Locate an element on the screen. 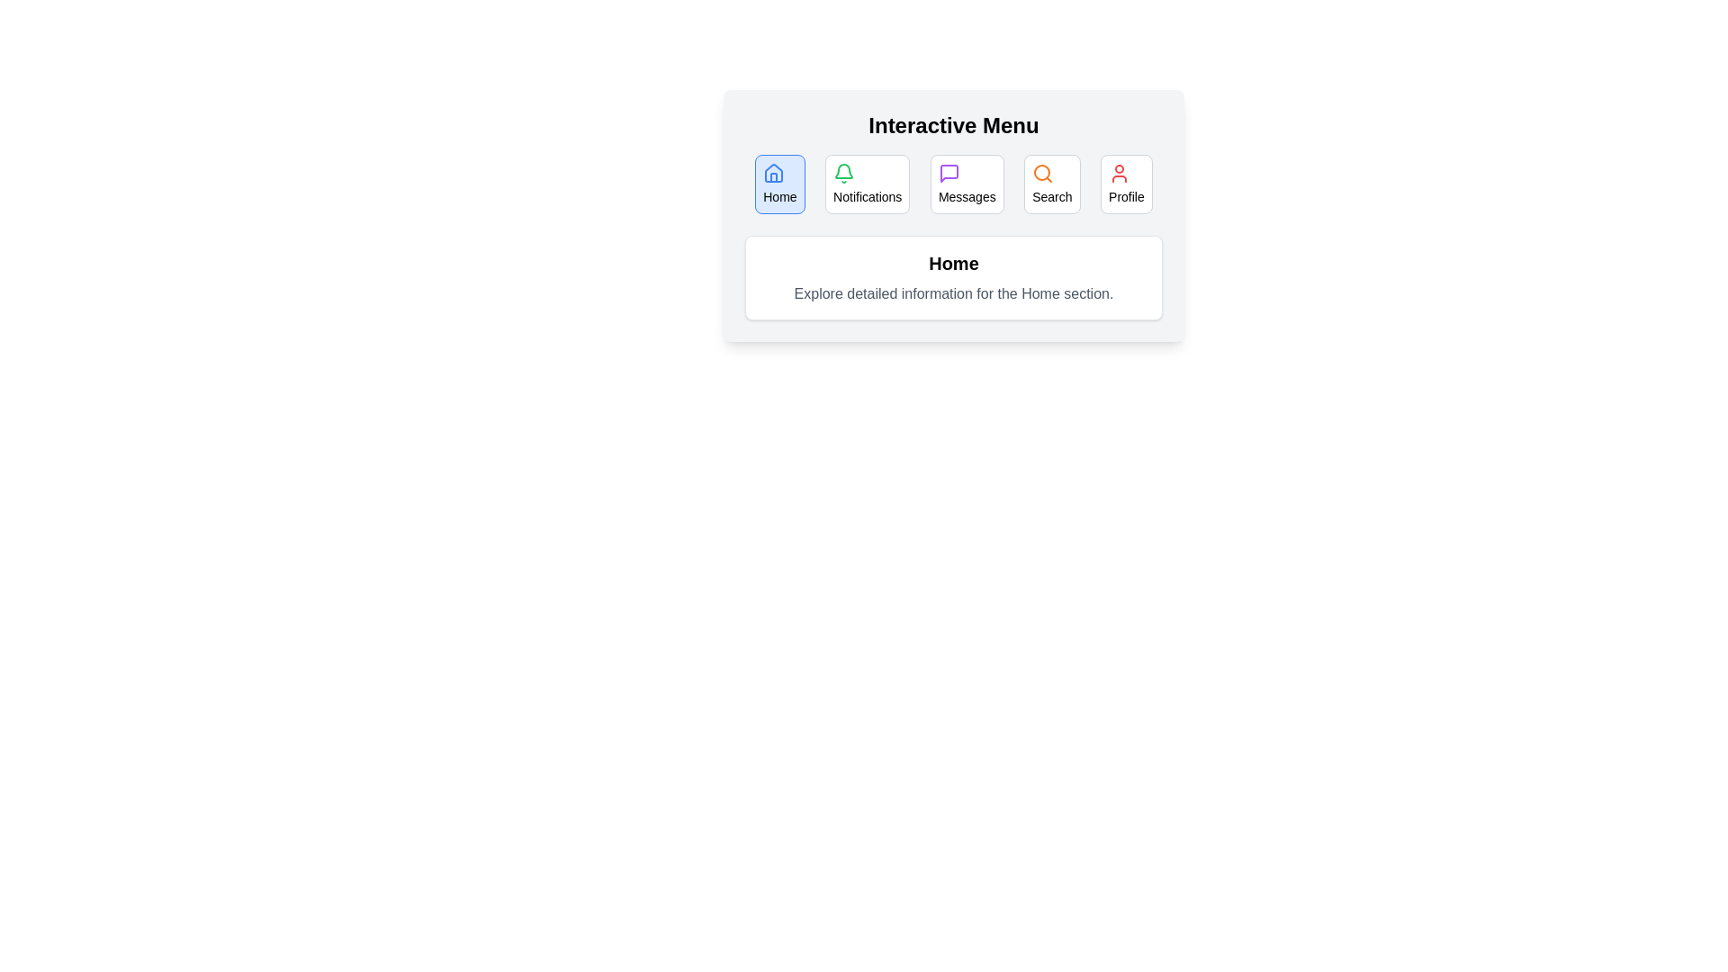 This screenshot has height=972, width=1728. the circular lens of the magnifying glass icon located in the search button, which is the fourth button from the left in the top row of the menu is located at coordinates (1042, 173).